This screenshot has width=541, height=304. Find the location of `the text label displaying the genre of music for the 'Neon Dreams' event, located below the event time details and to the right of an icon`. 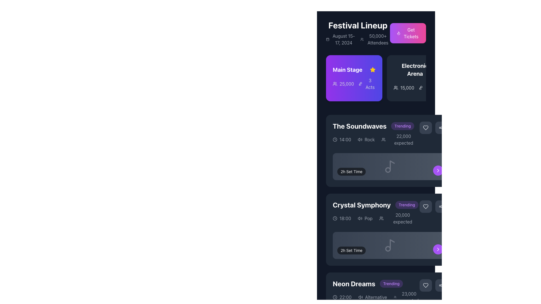

the text label displaying the genre of music for the 'Neon Dreams' event, located below the event time details and to the right of an icon is located at coordinates (376, 297).